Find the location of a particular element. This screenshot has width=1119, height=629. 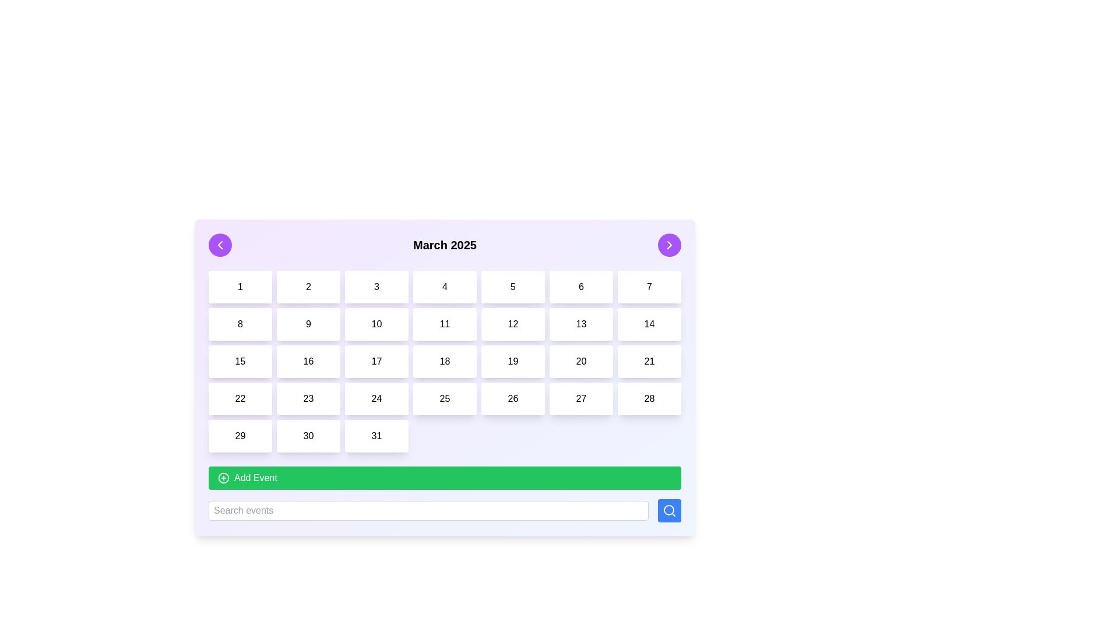

a specific day within the calendar grid displayed below the title 'March 2025' is located at coordinates (444, 361).